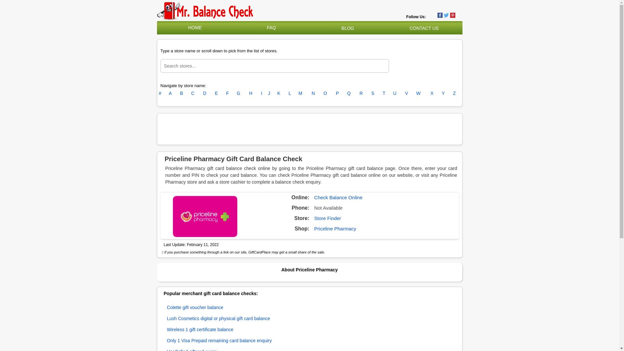 This screenshot has height=351, width=624. Describe the element at coordinates (200, 330) in the screenshot. I see `'Wireless 1 gift certificate balance'` at that location.